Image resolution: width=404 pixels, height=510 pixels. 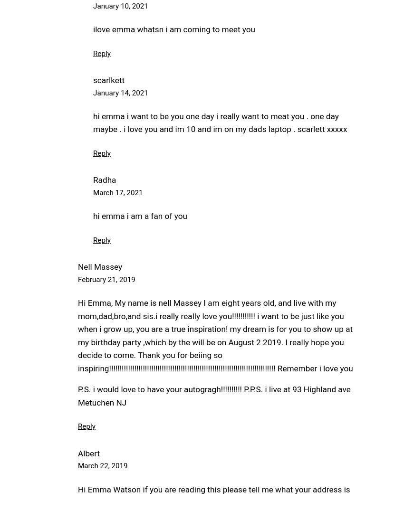 I want to click on 'scarlkett', so click(x=93, y=80).